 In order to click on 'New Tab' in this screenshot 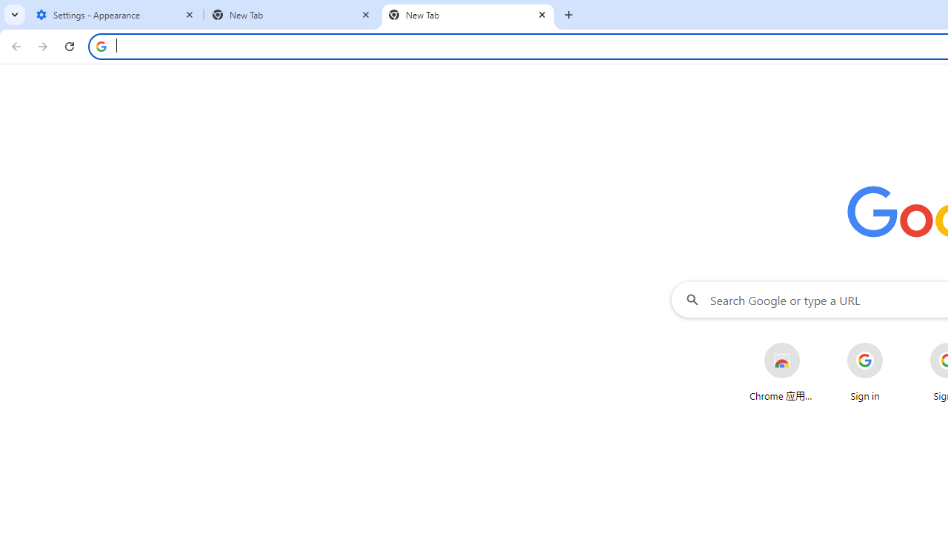, I will do `click(467, 15)`.